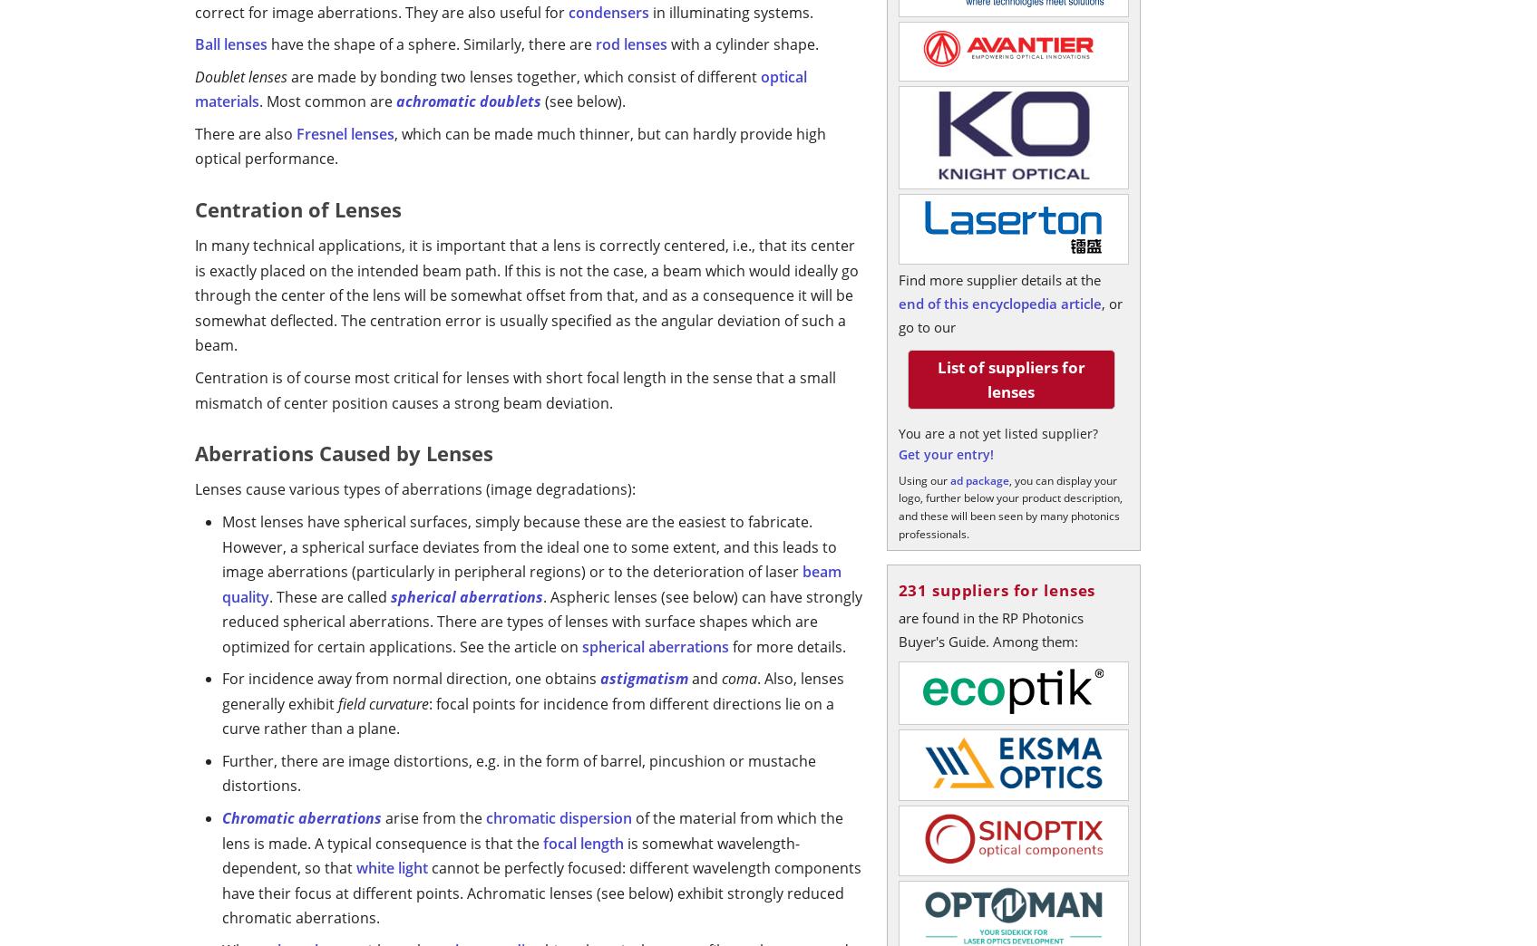  What do you see at coordinates (582, 841) in the screenshot?
I see `'focal length'` at bounding box center [582, 841].